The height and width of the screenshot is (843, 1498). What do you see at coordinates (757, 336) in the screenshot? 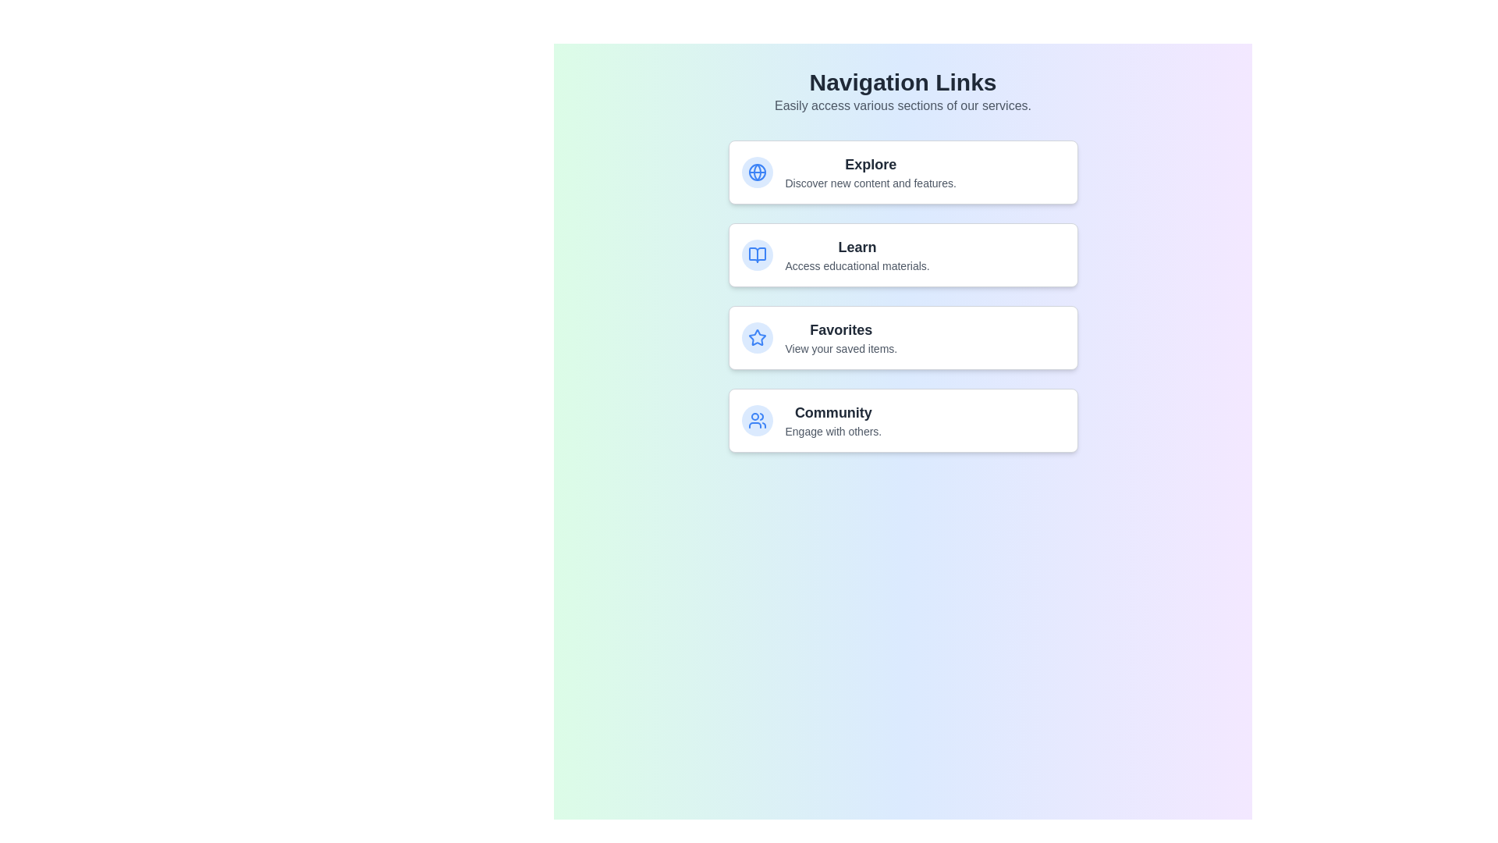
I see `the star-shaped vector icon, which serves as the 'Favorites' indicator, located under the 'Favorites' label in the vertical navigation list` at bounding box center [757, 336].